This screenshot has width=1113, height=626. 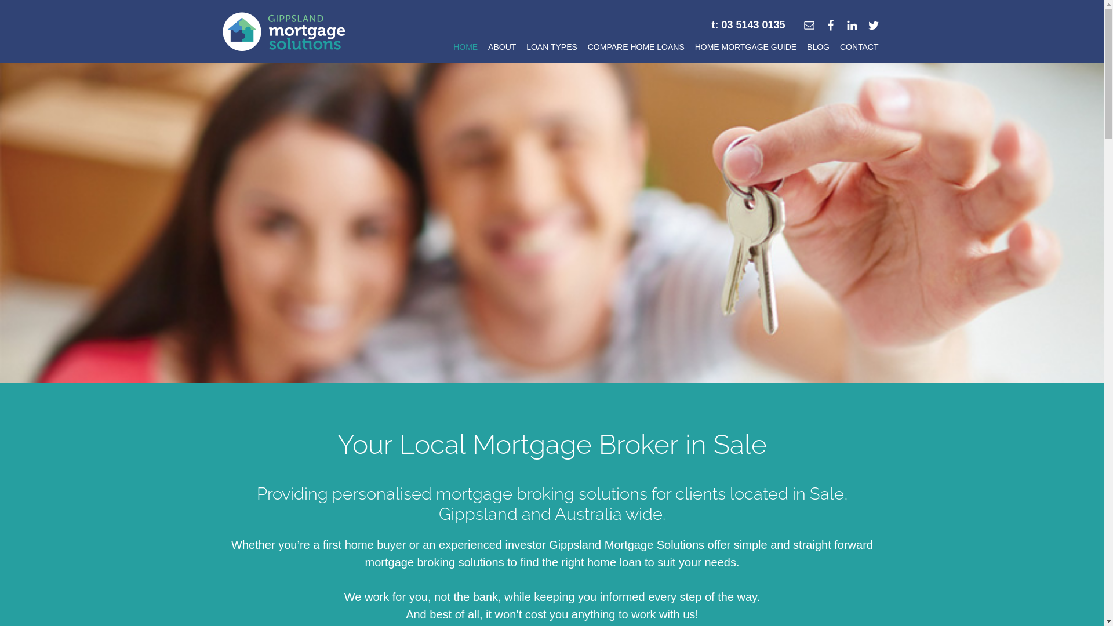 What do you see at coordinates (817, 49) in the screenshot?
I see `'BLOG'` at bounding box center [817, 49].